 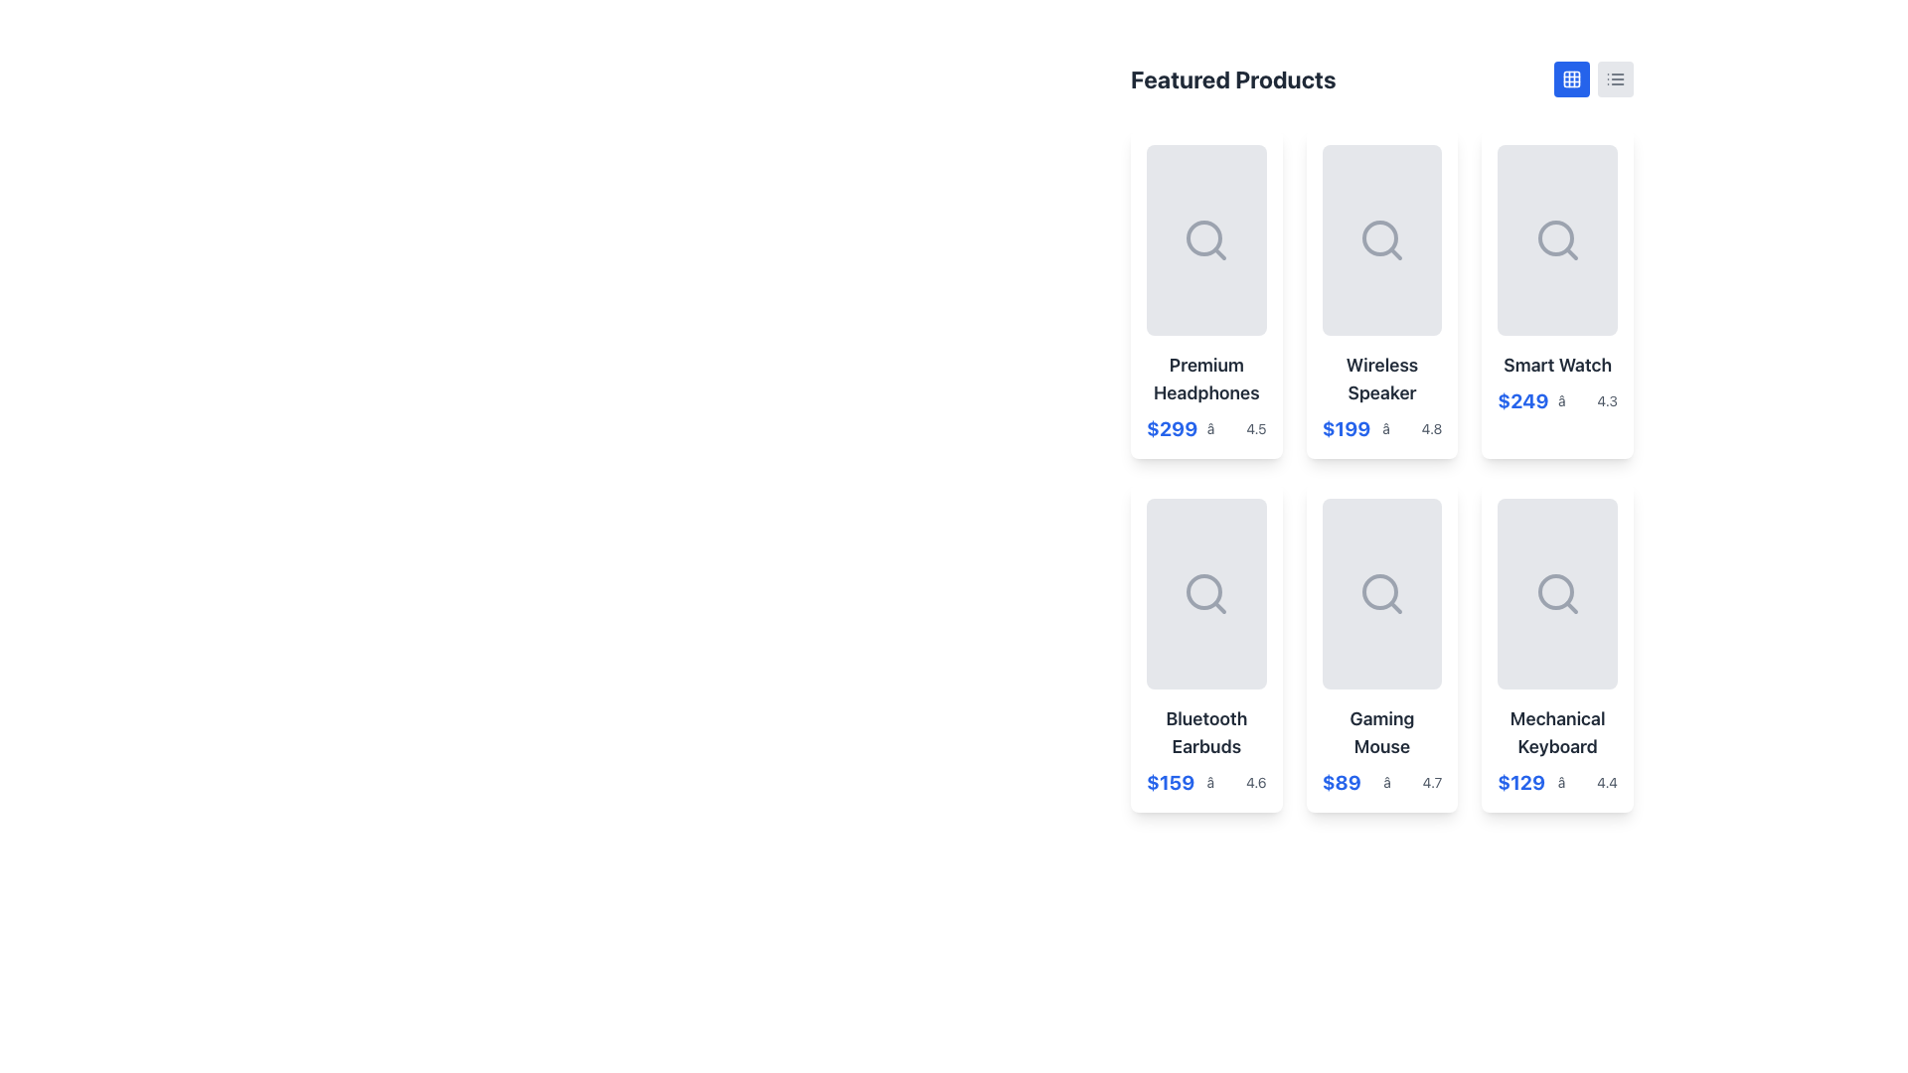 I want to click on the small magnifying glass icon located in the bottom-right card of the grid layout under the 'Mechanical Keyboard' label, so click(x=1570, y=606).